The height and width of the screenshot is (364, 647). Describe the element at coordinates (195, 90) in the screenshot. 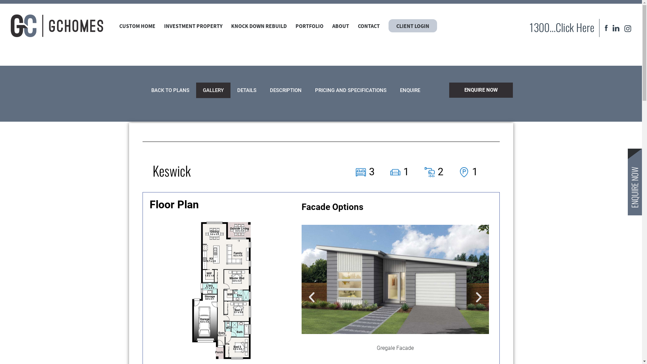

I see `'GALLERY'` at that location.